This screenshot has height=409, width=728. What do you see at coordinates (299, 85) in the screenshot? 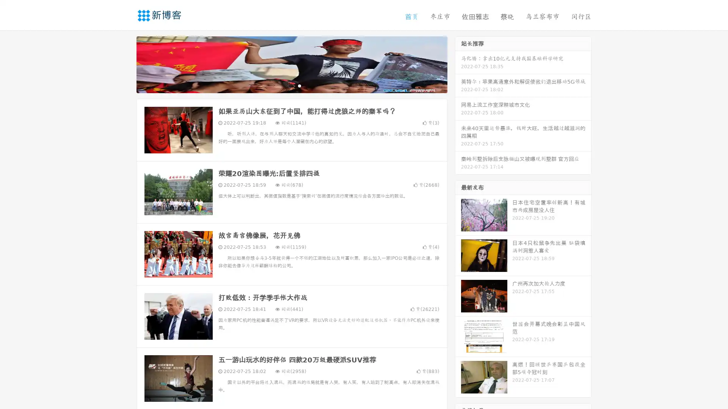
I see `Go to slide 3` at bounding box center [299, 85].